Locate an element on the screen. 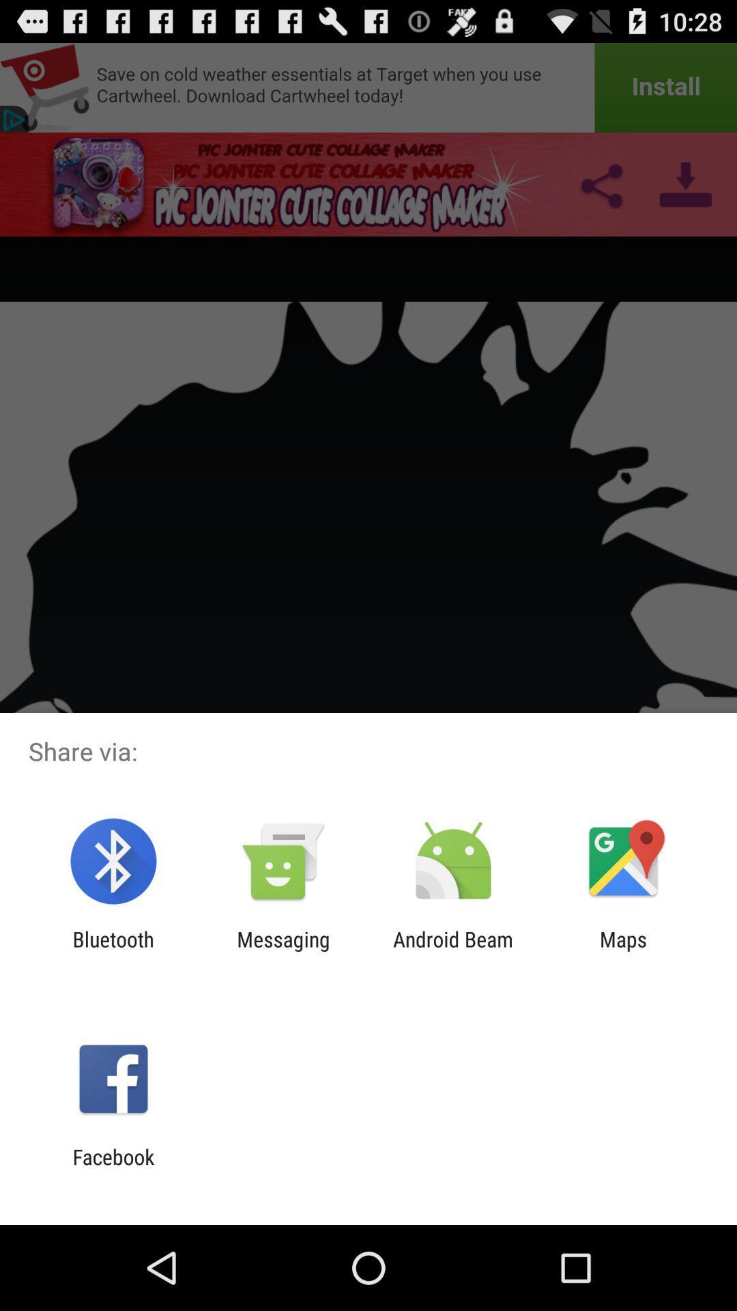 This screenshot has width=737, height=1311. item to the left of maps icon is located at coordinates (453, 950).